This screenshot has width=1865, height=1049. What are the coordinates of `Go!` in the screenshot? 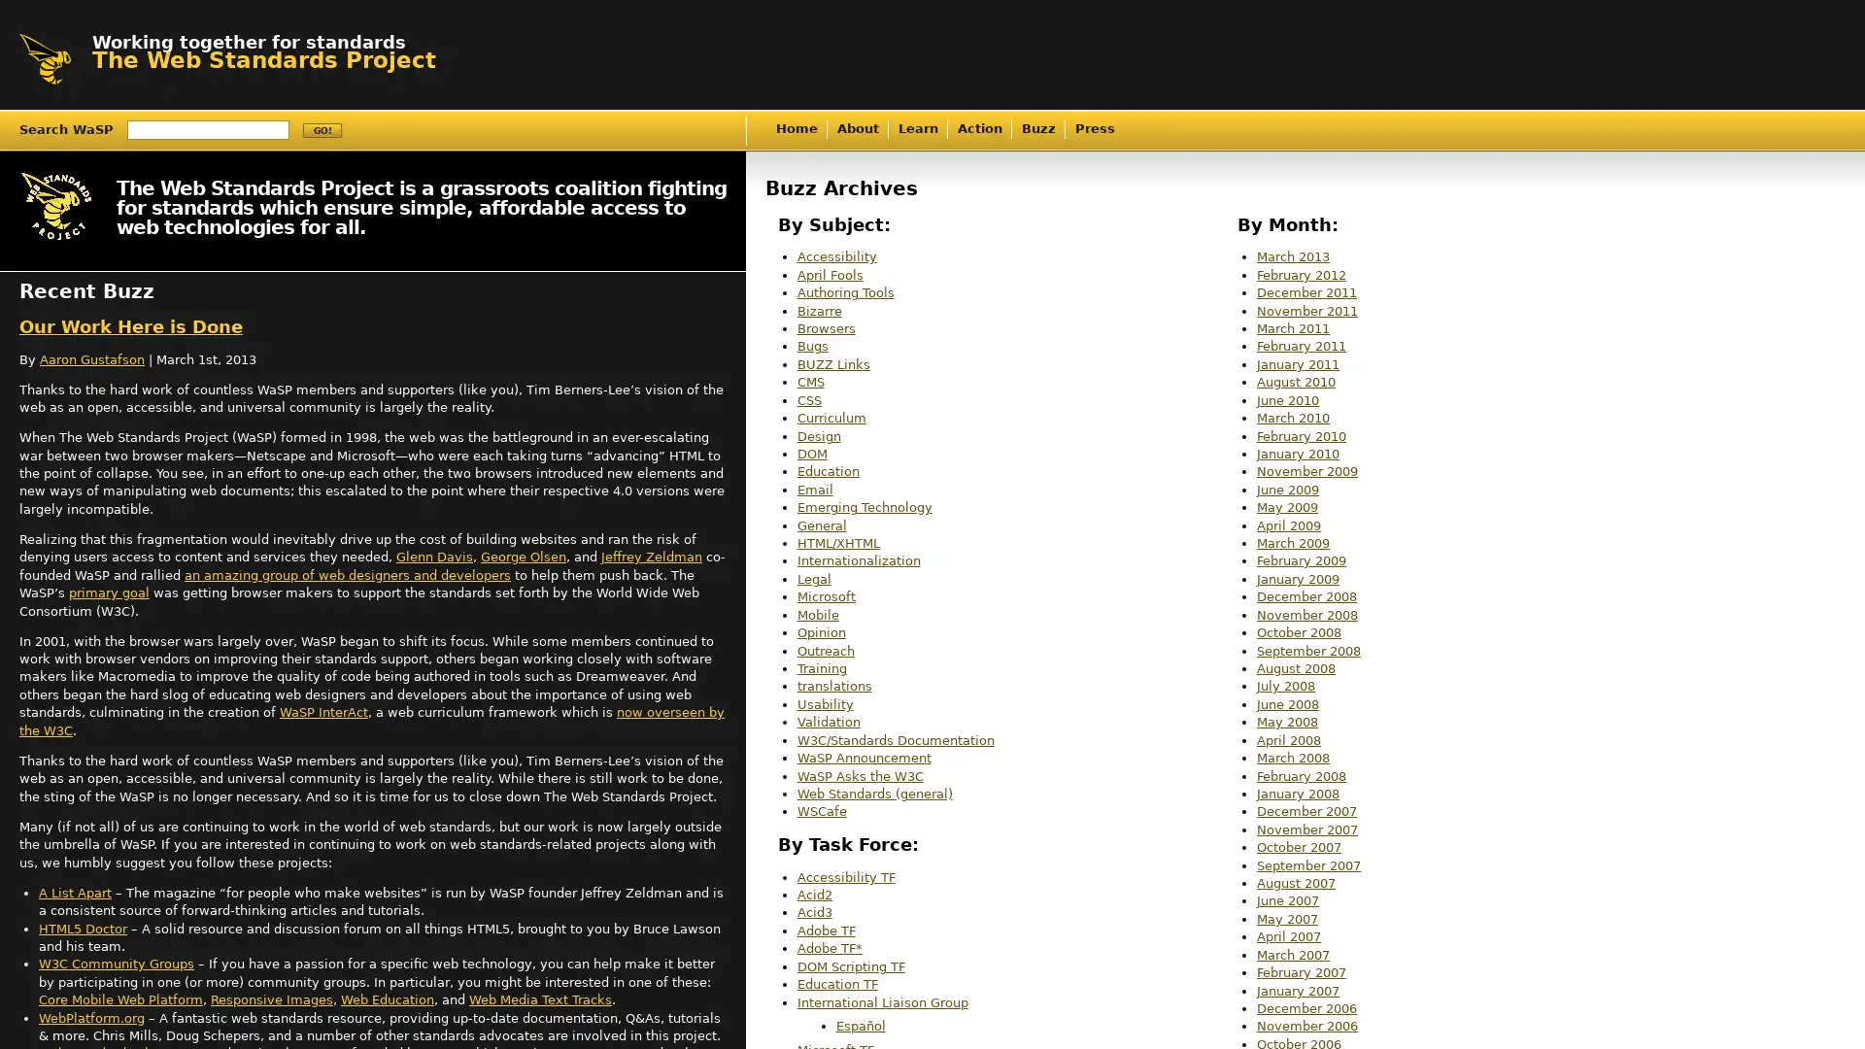 It's located at (322, 130).